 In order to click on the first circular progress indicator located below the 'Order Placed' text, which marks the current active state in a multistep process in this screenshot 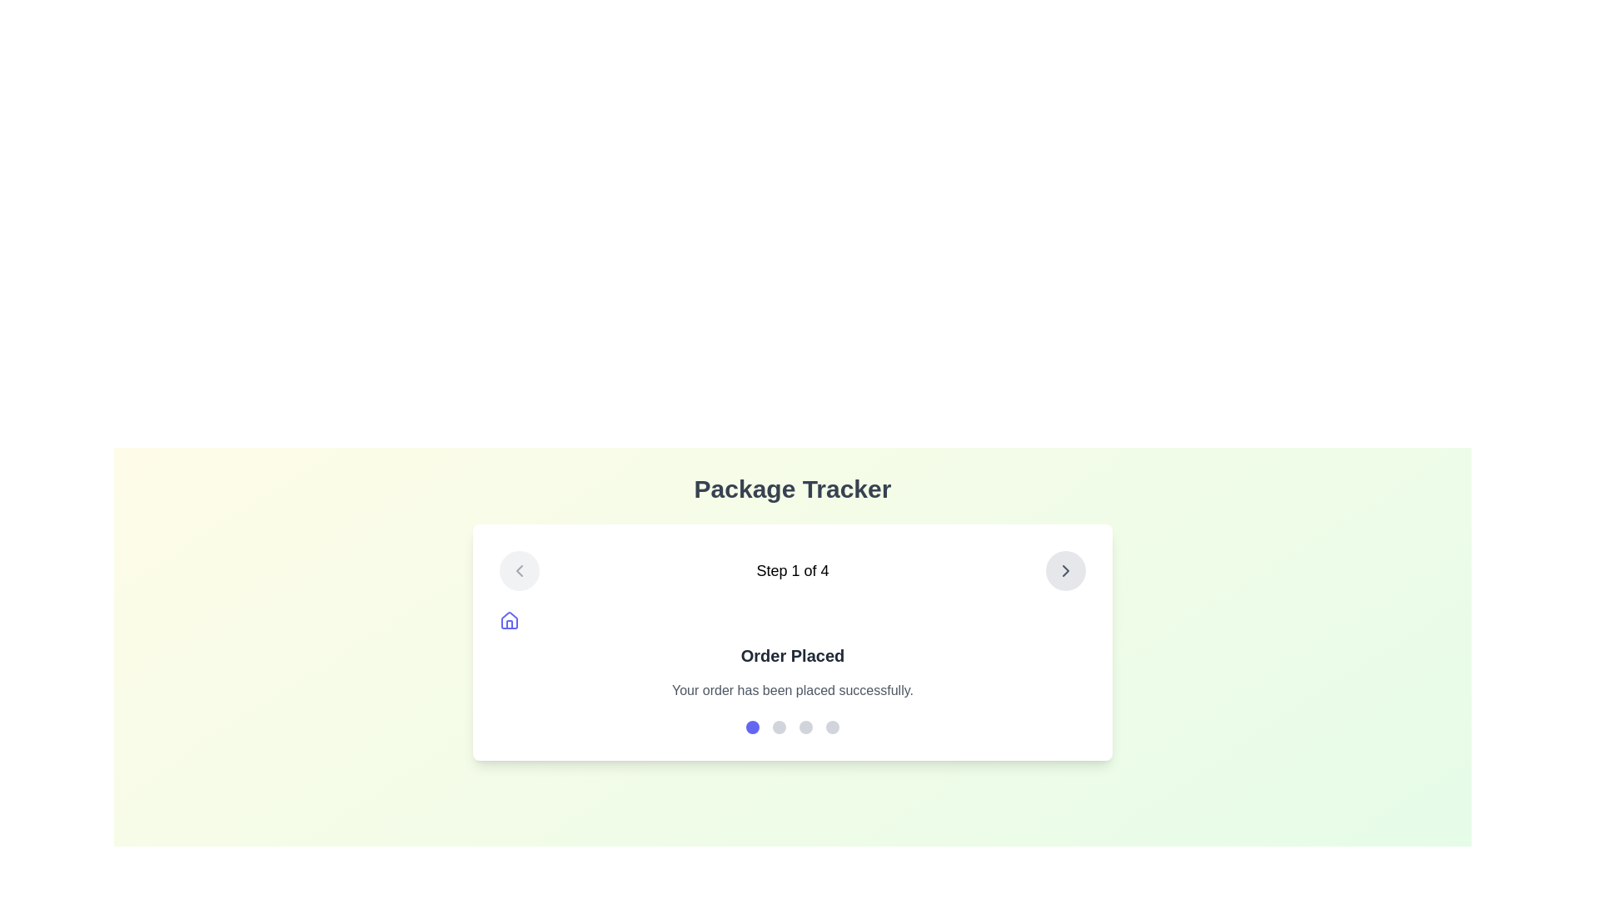, I will do `click(751, 727)`.